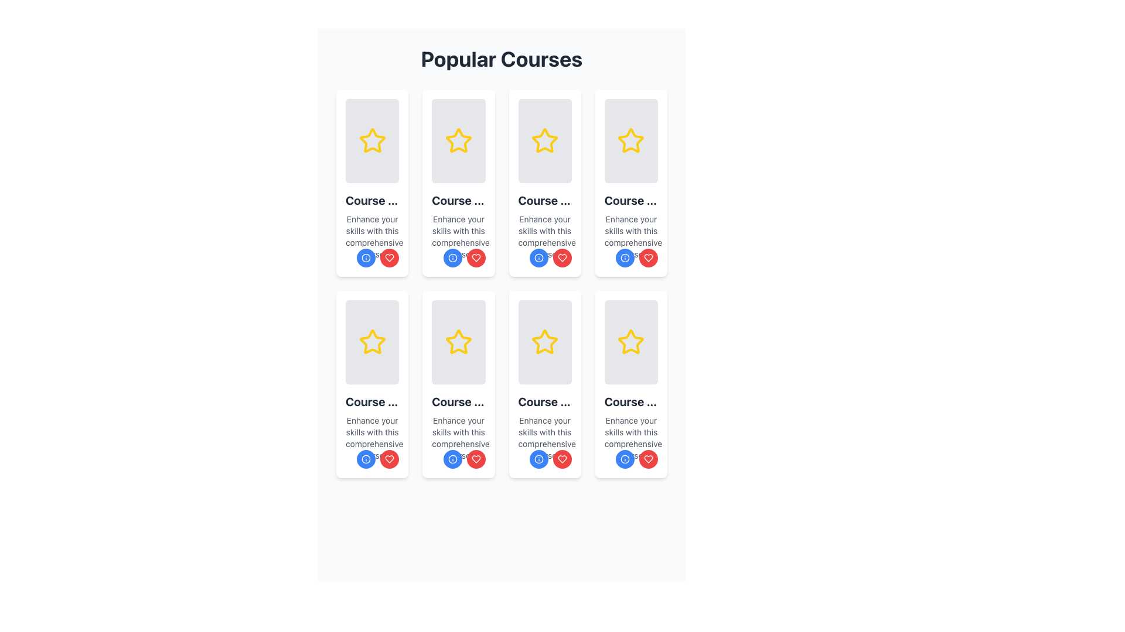  What do you see at coordinates (630, 342) in the screenshot?
I see `the star icon located at the top-center of the bottom-right course card in a 4x2 grid layout` at bounding box center [630, 342].